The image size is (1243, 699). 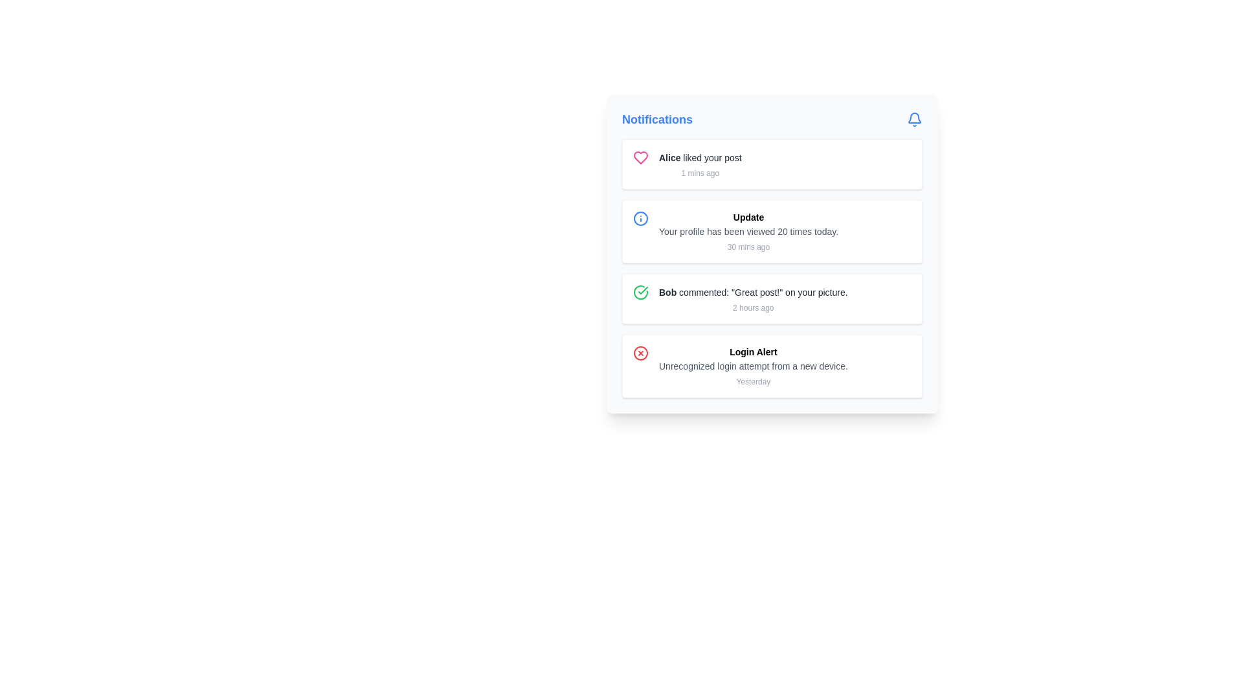 What do you see at coordinates (657, 120) in the screenshot?
I see `the header text component that indicates the context of the notifications section, which is positioned at the top-left corner of the content block` at bounding box center [657, 120].